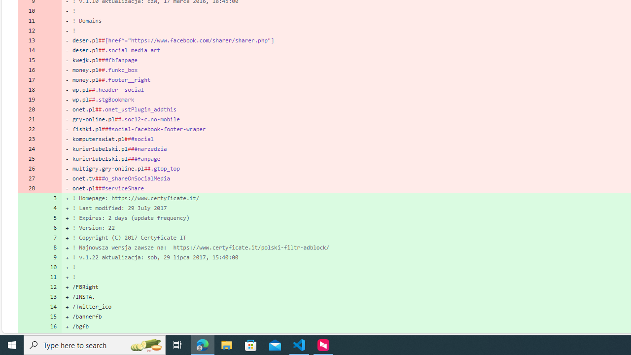  Describe the element at coordinates (50, 306) in the screenshot. I see `'14'` at that location.